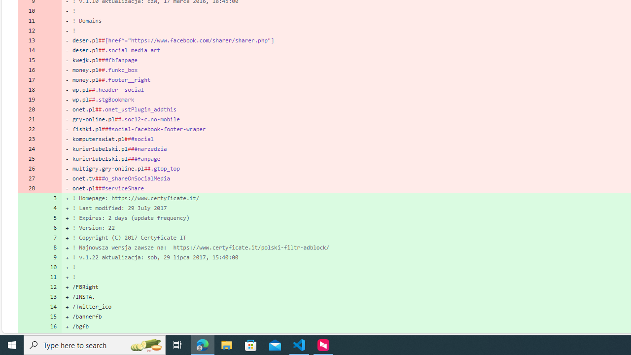  Describe the element at coordinates (50, 306) in the screenshot. I see `'14'` at that location.